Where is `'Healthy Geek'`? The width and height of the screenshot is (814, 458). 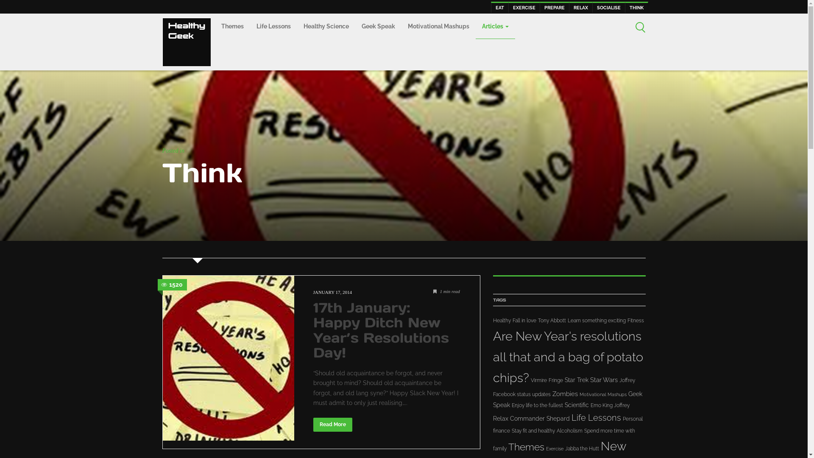
'Healthy Geek' is located at coordinates (185, 41).